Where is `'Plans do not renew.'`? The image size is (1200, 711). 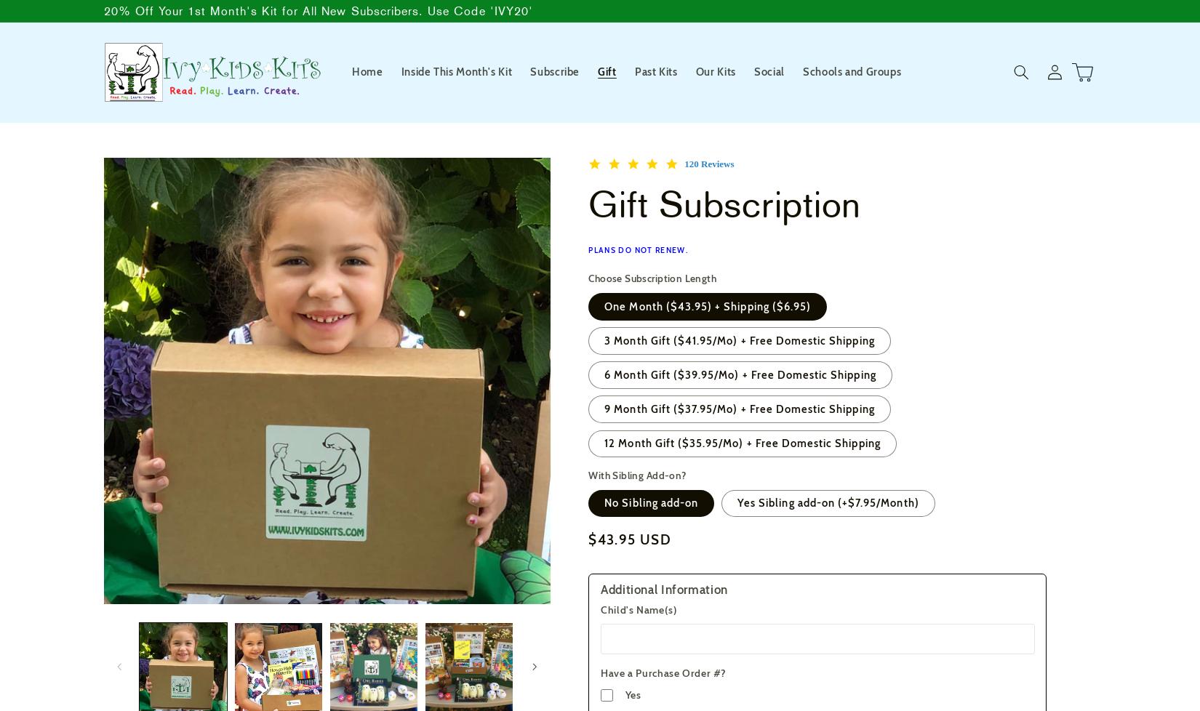
'Plans do not renew.' is located at coordinates (638, 249).